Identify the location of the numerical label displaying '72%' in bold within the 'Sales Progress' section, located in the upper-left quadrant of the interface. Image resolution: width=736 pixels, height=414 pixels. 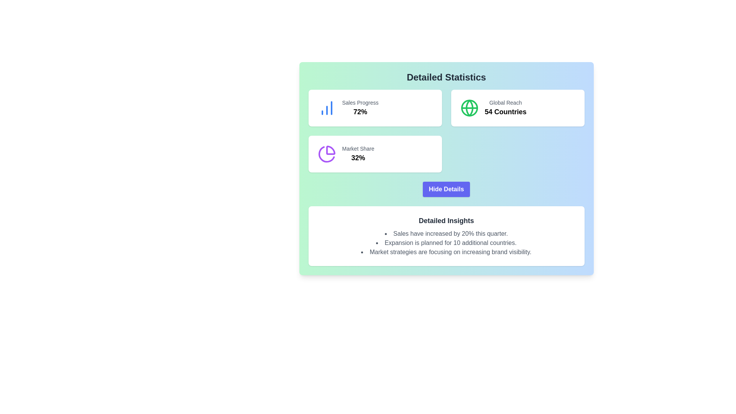
(360, 112).